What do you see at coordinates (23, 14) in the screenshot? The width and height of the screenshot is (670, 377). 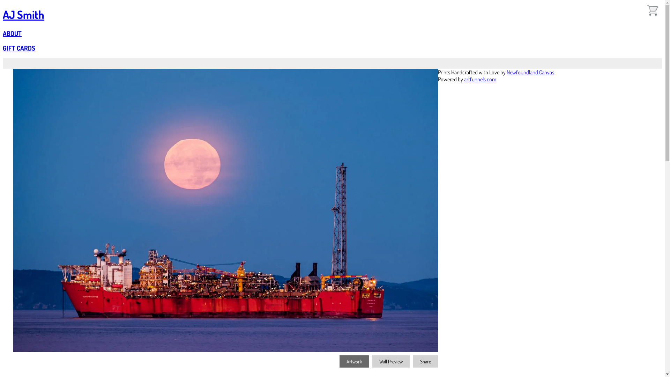 I see `'AJ Smith'` at bounding box center [23, 14].